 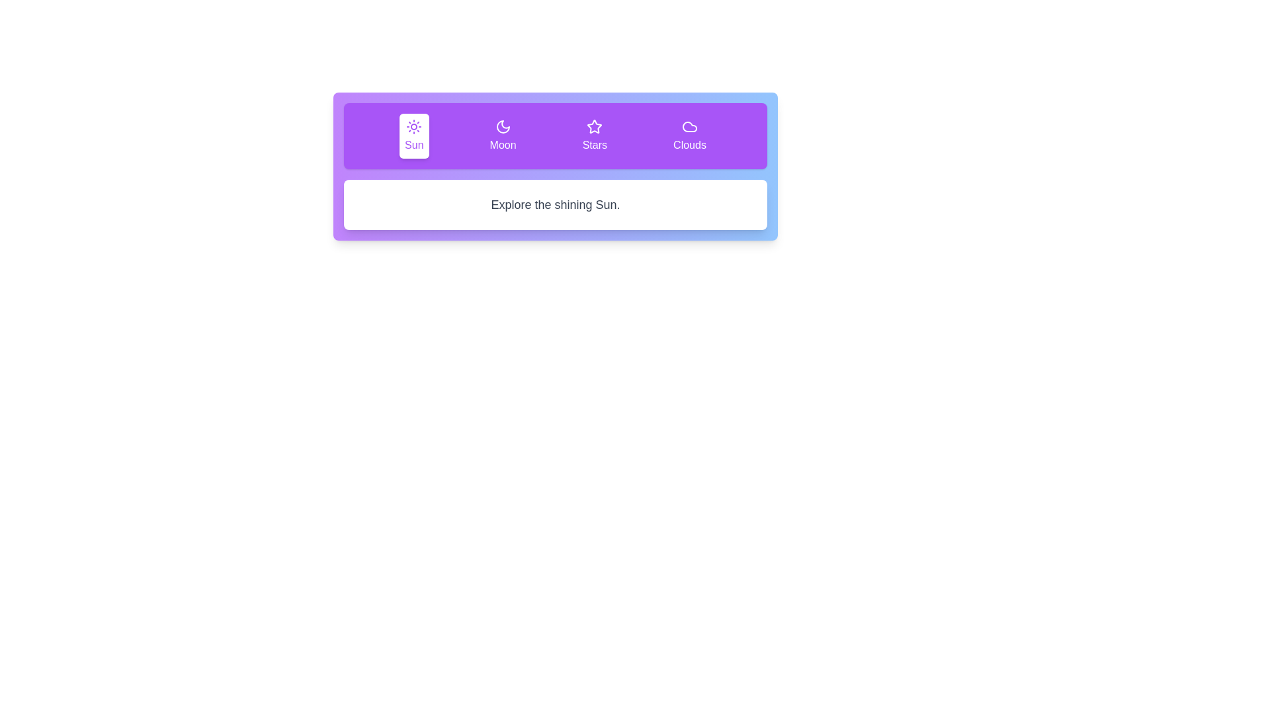 What do you see at coordinates (594, 145) in the screenshot?
I see `the text label displaying 'Stars' in white on a purple background, which is the third label in a horizontal layout of items including 'Sun', 'Moon', and 'Clouds'` at bounding box center [594, 145].